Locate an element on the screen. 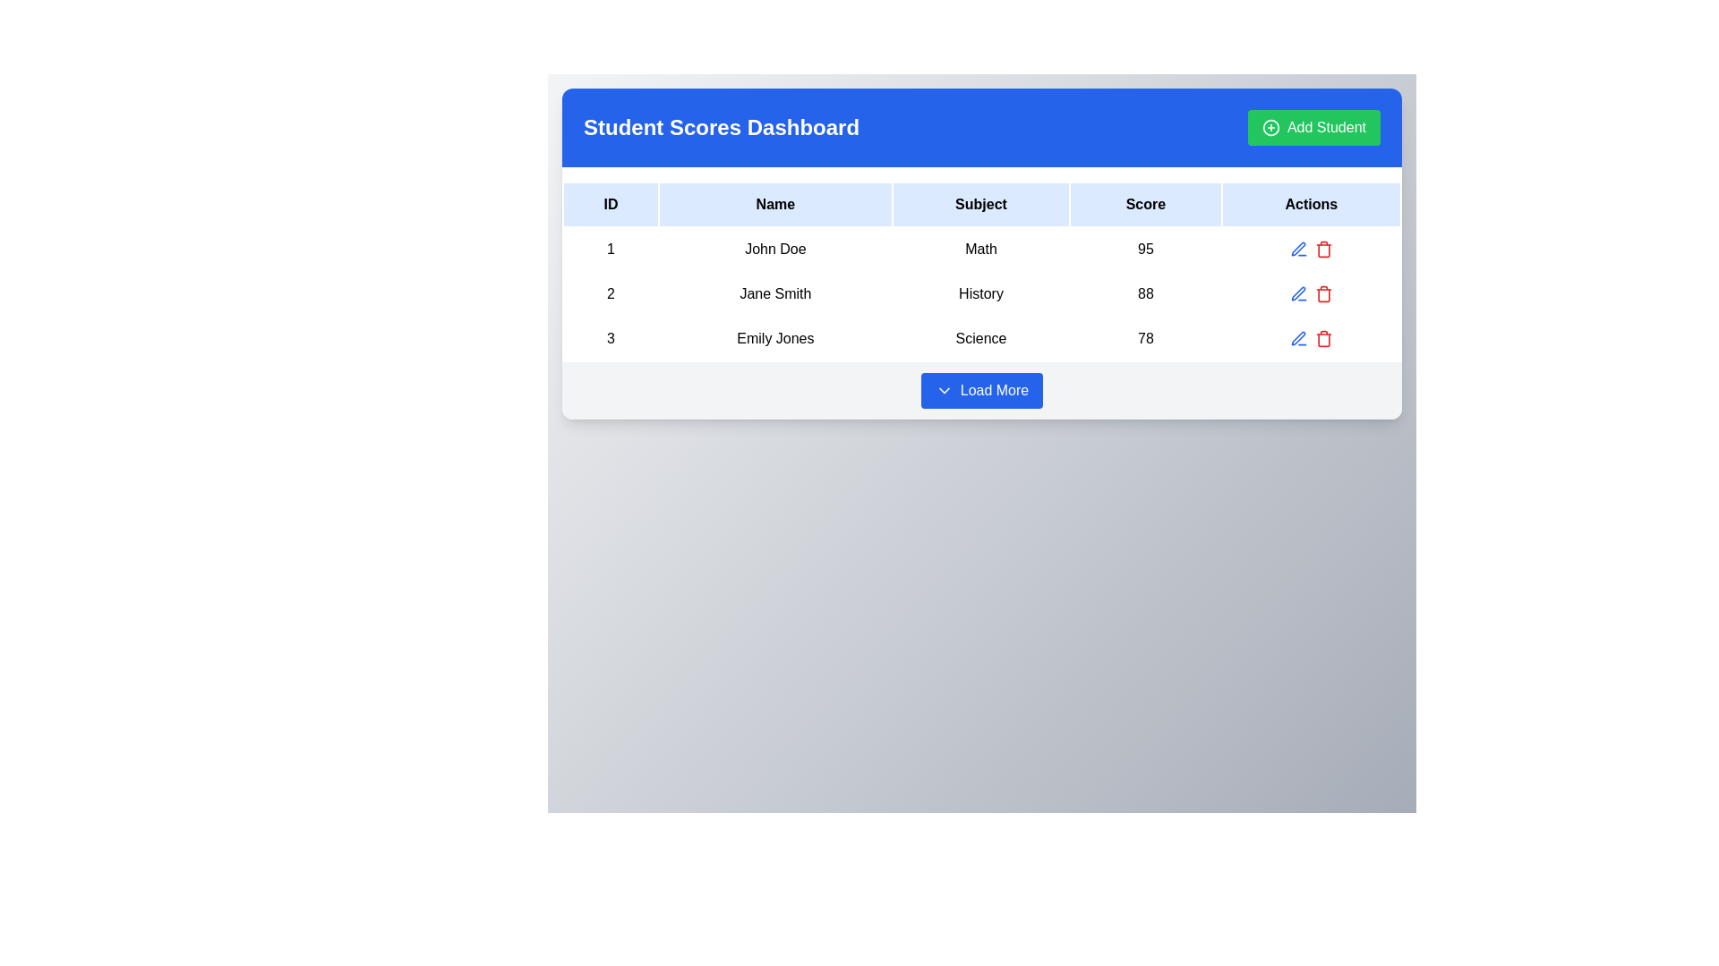 The height and width of the screenshot is (966, 1719). the 'Student Scores Dashboard' text element displayed in bold and large font within the blue header section at the top of the card is located at coordinates (722, 126).